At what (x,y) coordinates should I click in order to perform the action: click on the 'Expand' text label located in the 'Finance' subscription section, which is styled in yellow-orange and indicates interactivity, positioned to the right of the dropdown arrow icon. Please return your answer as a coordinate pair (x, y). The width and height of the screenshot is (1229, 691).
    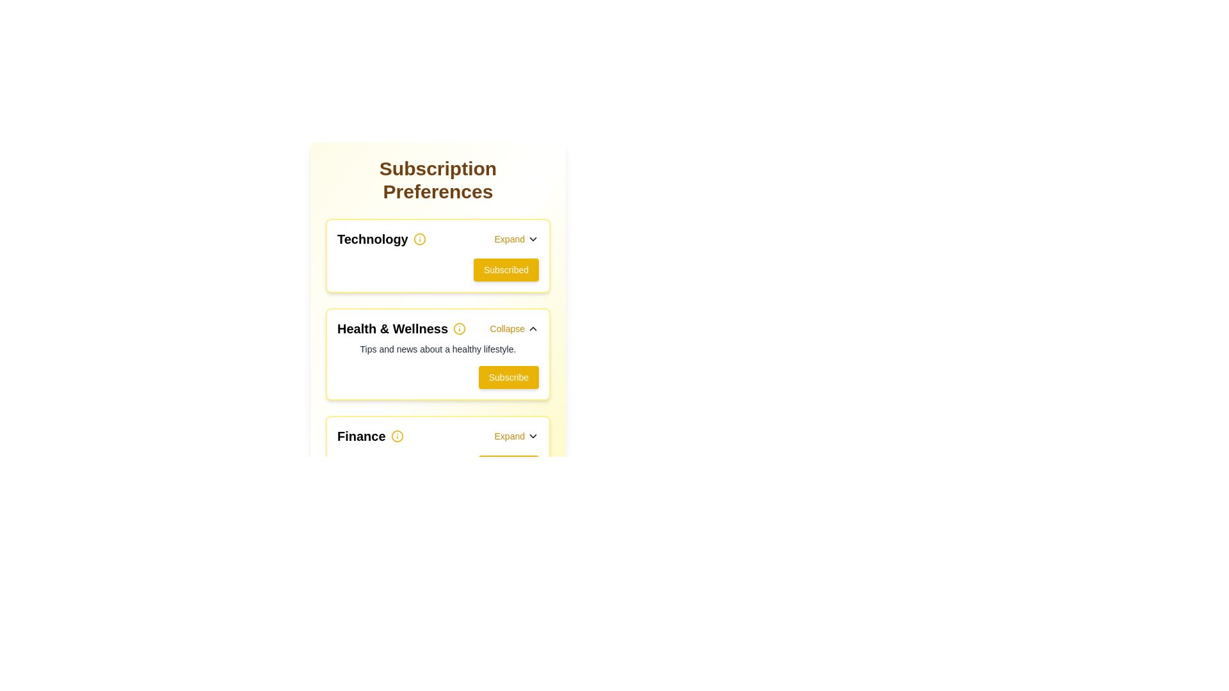
    Looking at the image, I should click on (509, 436).